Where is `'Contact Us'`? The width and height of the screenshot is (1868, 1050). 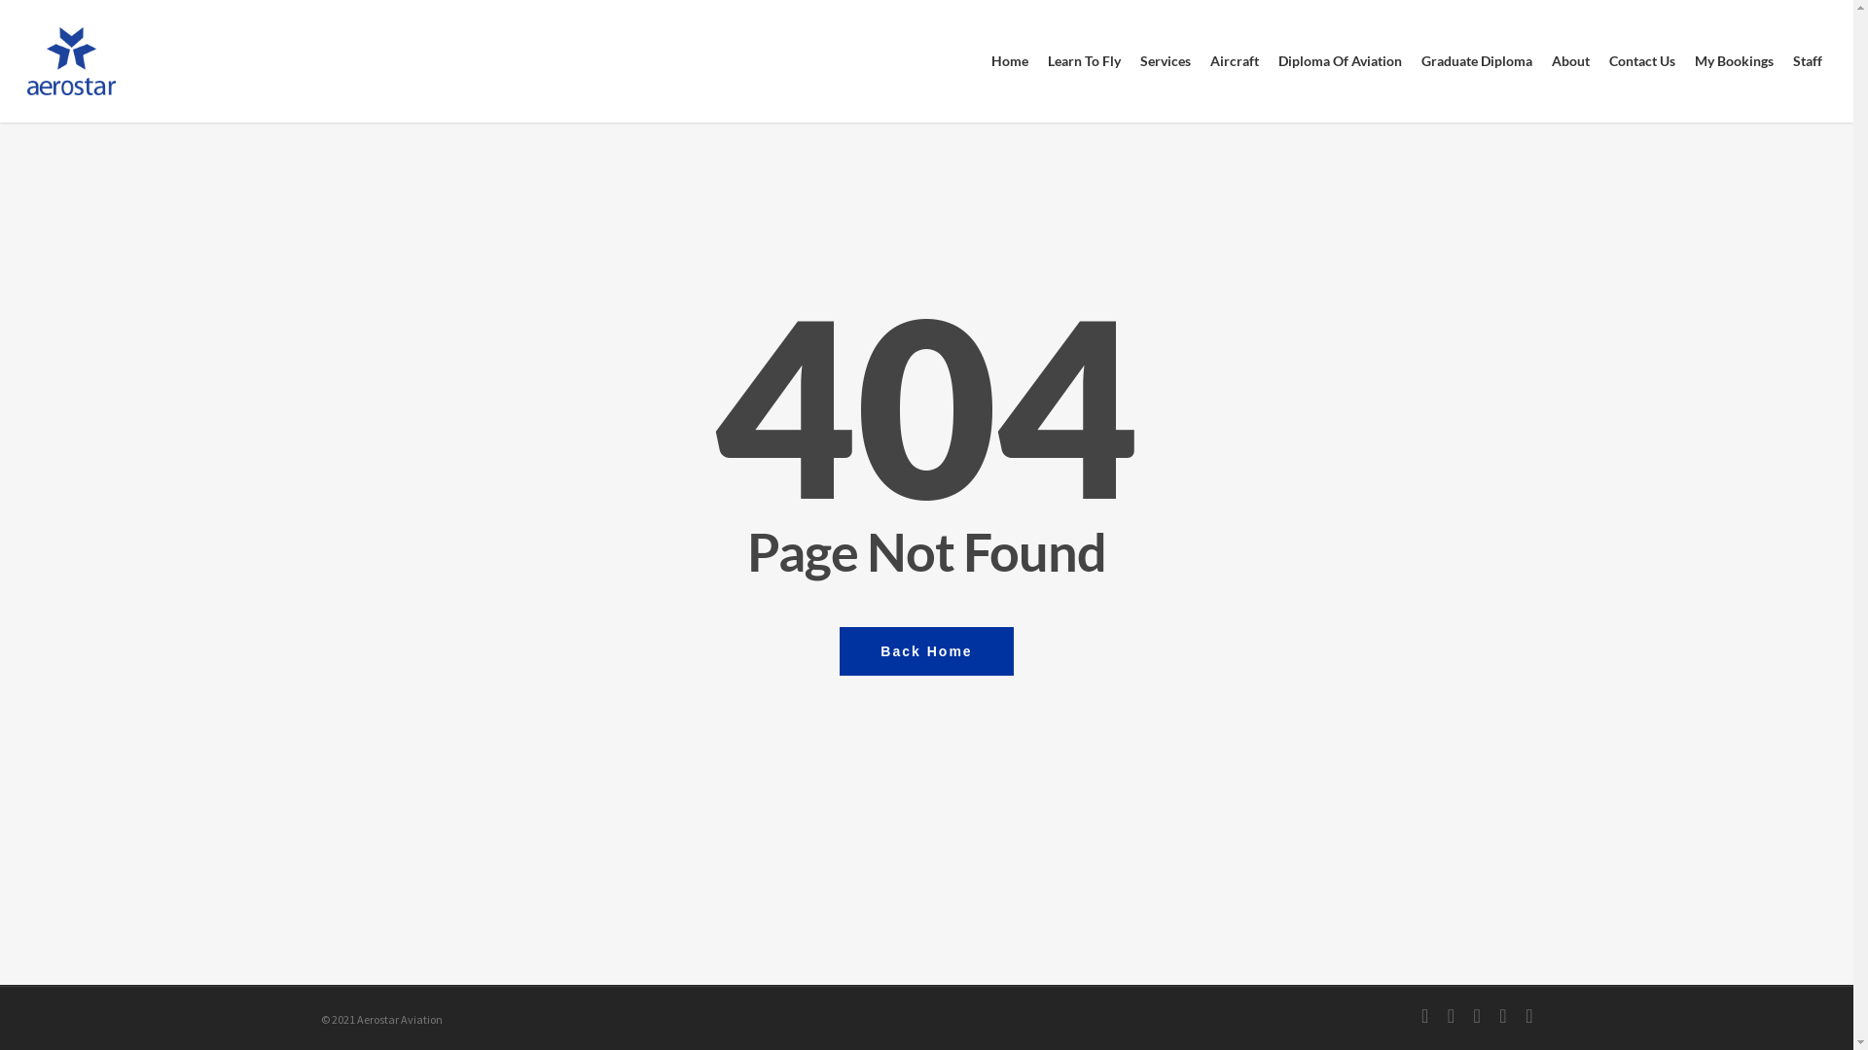 'Contact Us' is located at coordinates (1599, 59).